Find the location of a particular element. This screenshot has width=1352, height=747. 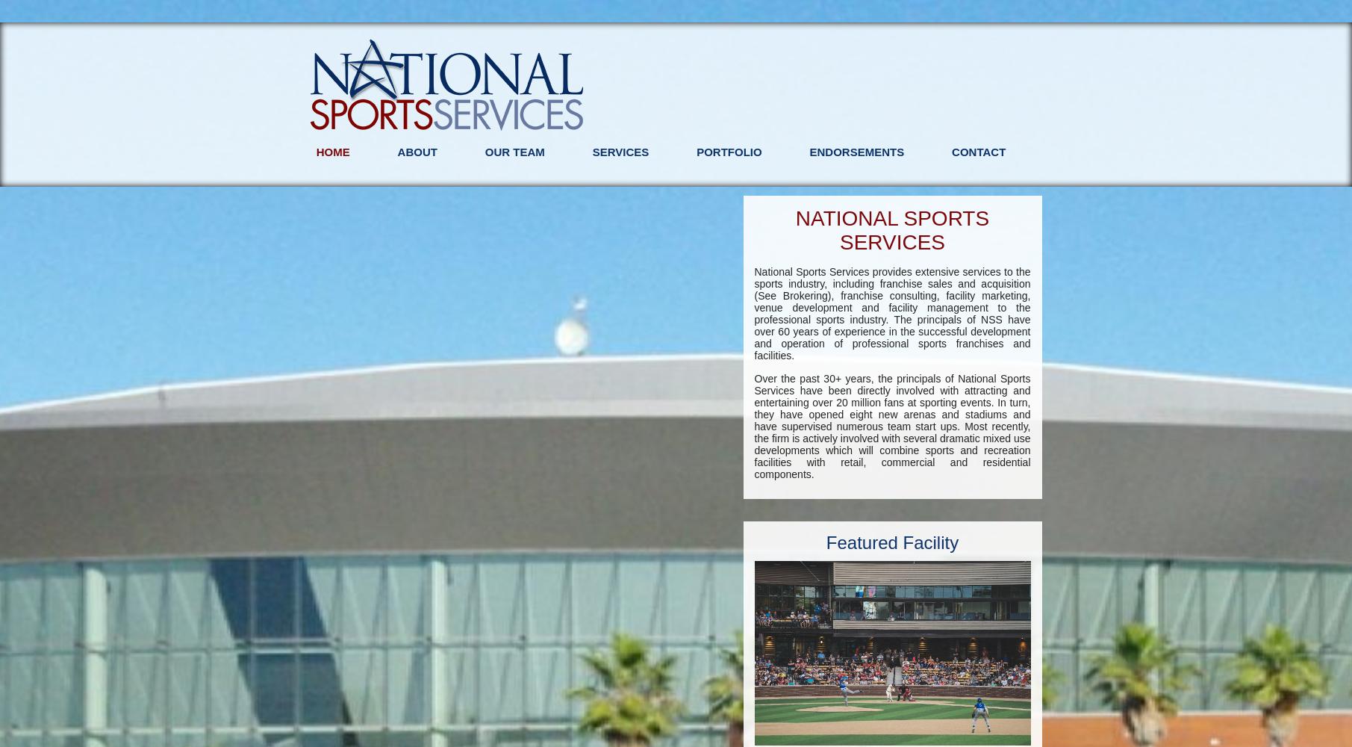

'Contact' is located at coordinates (977, 151).